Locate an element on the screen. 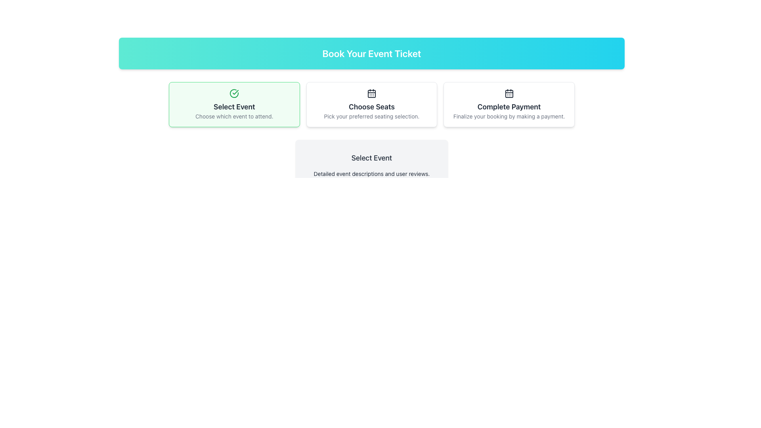  the calendar icon with a black outline and internal grid structure, located at the top section of the 'Complete Payment' box is located at coordinates (509, 93).